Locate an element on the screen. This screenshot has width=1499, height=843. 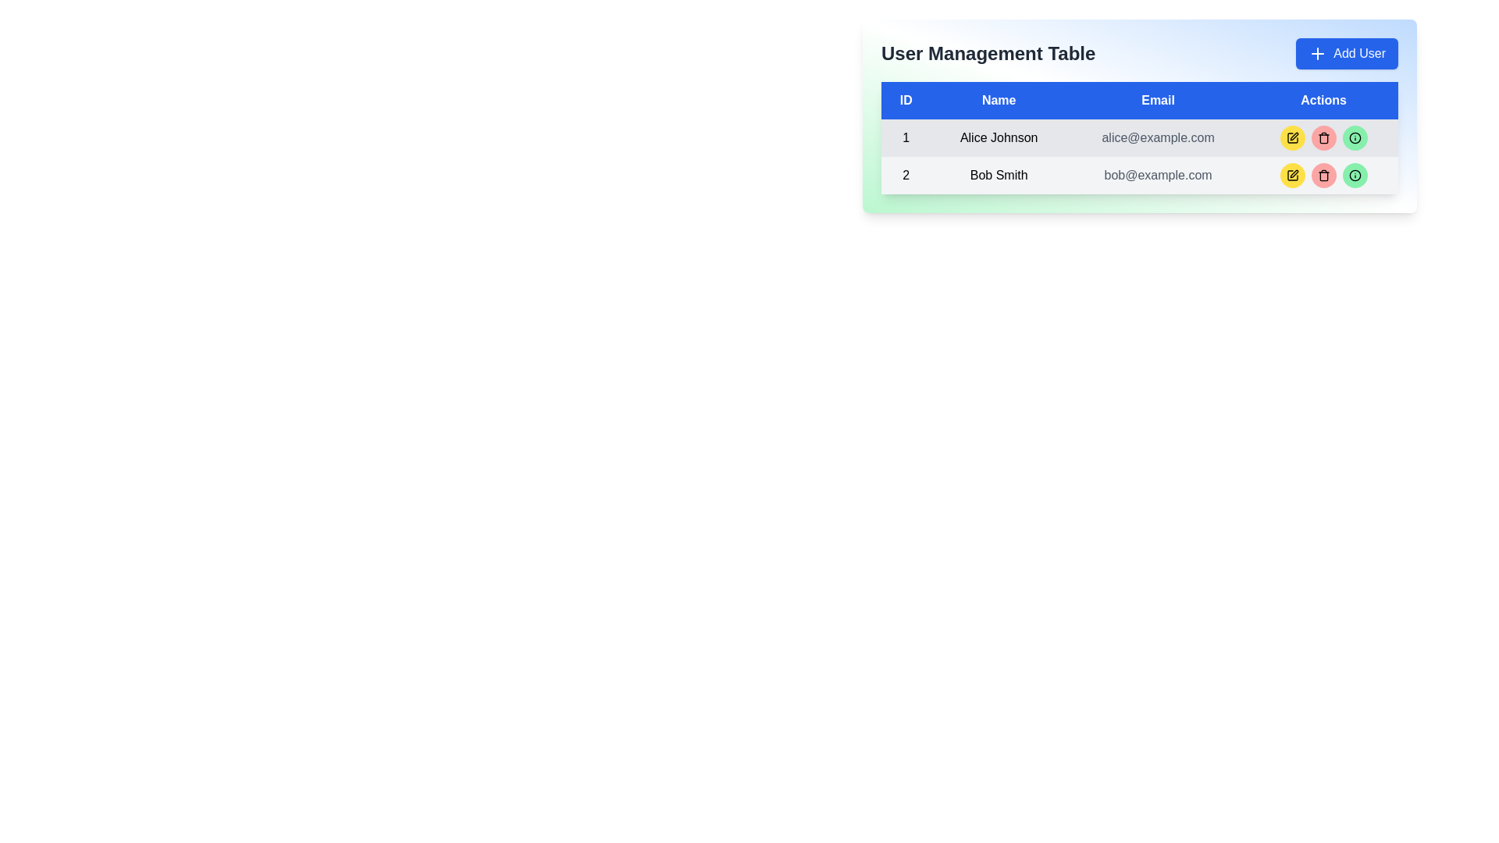
the text header labeled 'User Management Table', which is prominently styled with a bold, large dark gray font, located at the top-left corner of the user interface section is located at coordinates (988, 53).